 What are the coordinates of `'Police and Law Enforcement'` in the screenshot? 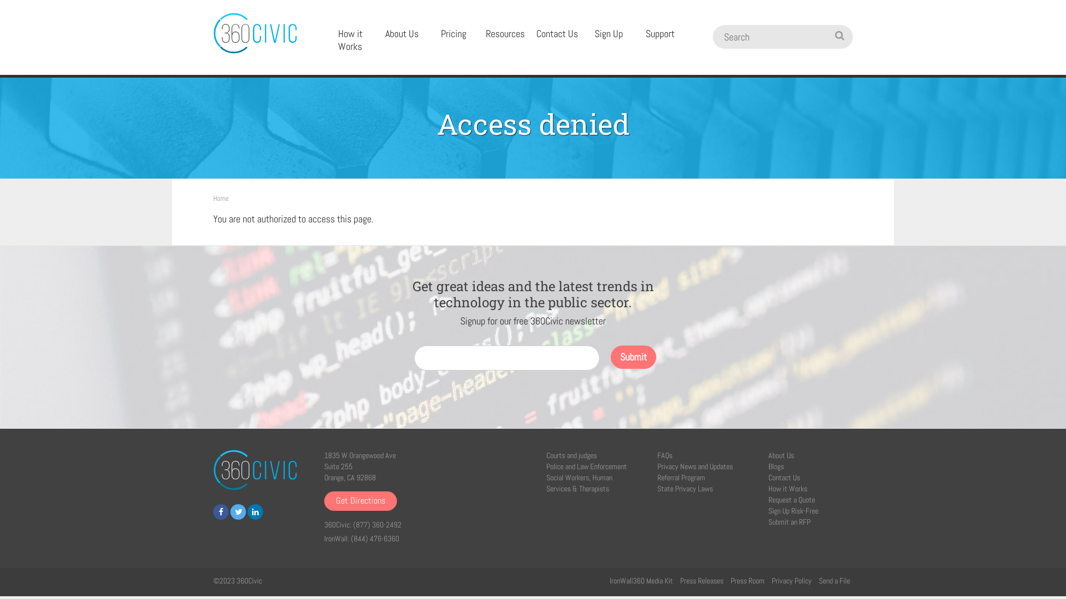 It's located at (586, 466).